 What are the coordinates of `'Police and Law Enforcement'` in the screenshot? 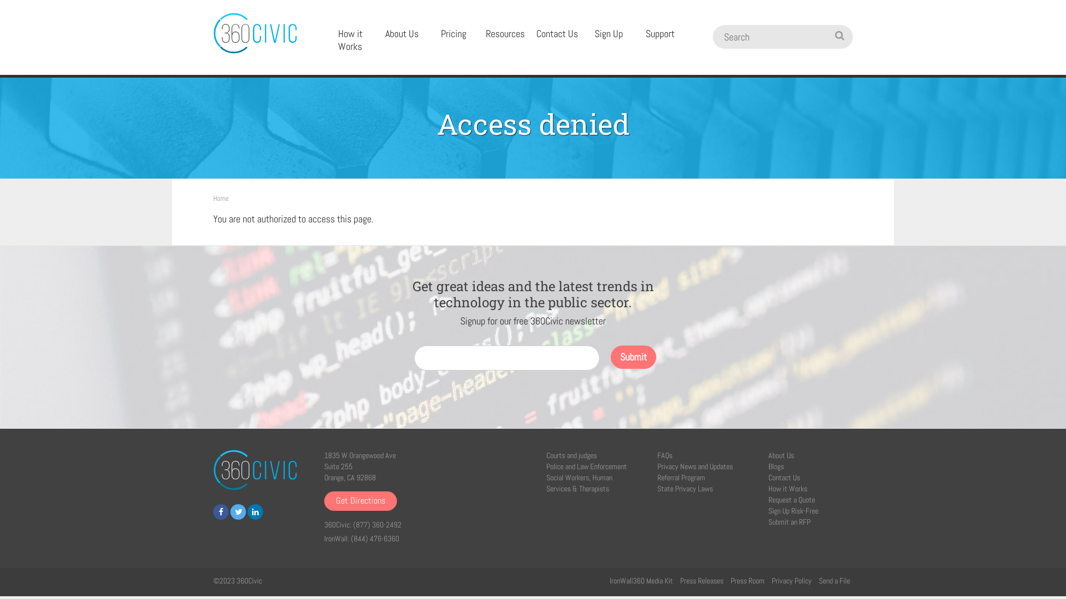 It's located at (586, 466).